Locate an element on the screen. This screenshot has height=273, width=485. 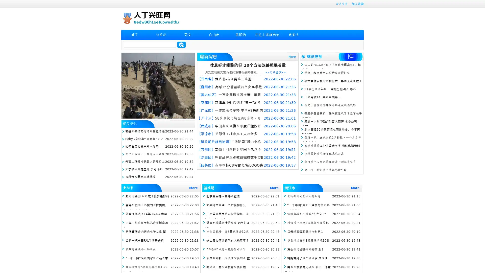
Search is located at coordinates (181, 44).